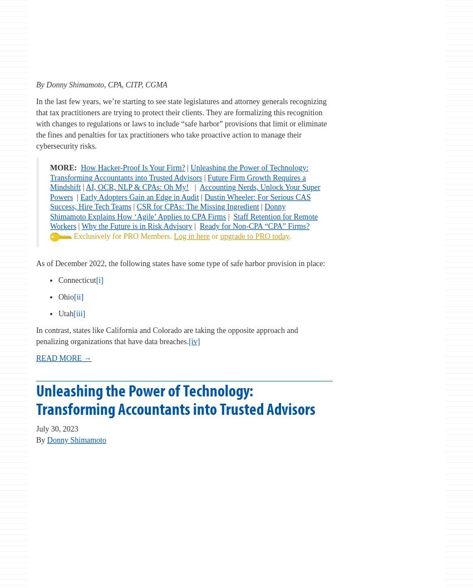 The height and width of the screenshot is (588, 473). What do you see at coordinates (167, 210) in the screenshot?
I see `'Donny Shimamoto Explains How ‘Agile’ Applies to CPA Firms'` at bounding box center [167, 210].